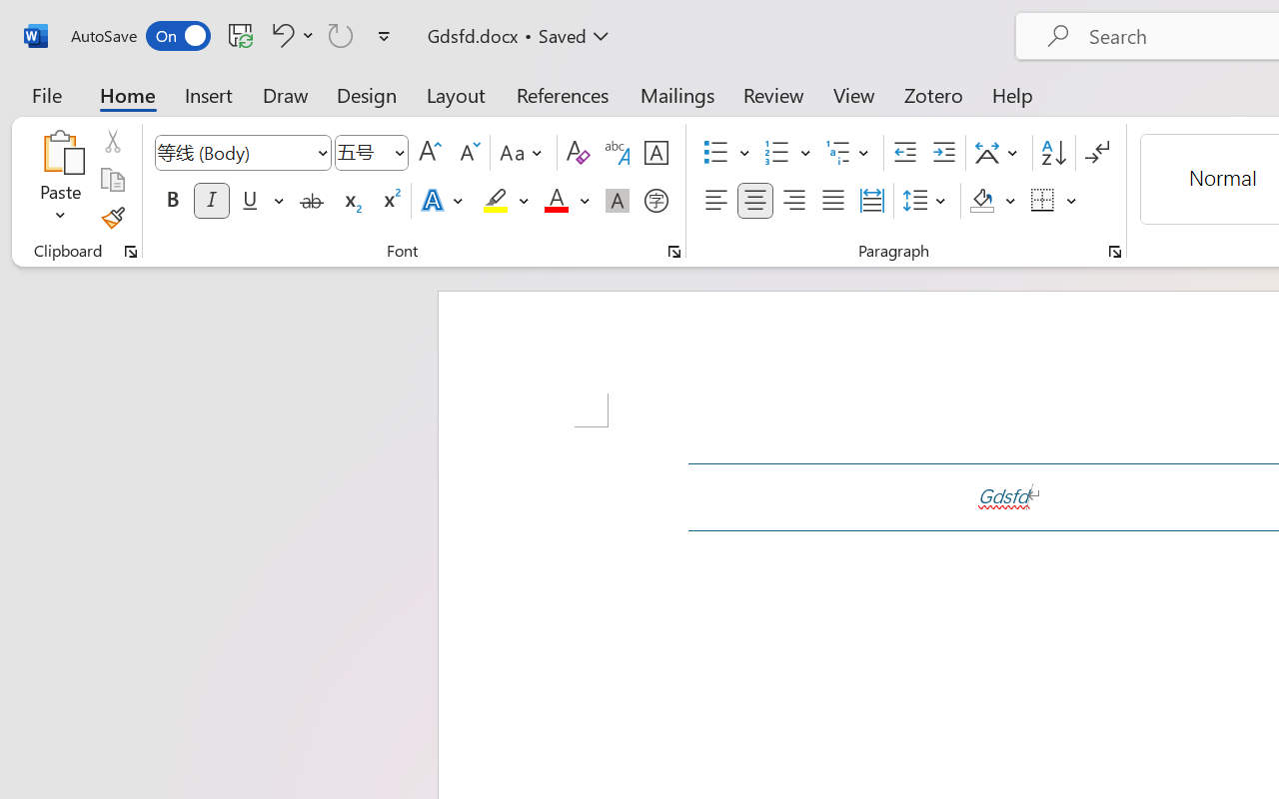 Image resolution: width=1279 pixels, height=799 pixels. Describe the element at coordinates (111, 179) in the screenshot. I see `'Copy'` at that location.